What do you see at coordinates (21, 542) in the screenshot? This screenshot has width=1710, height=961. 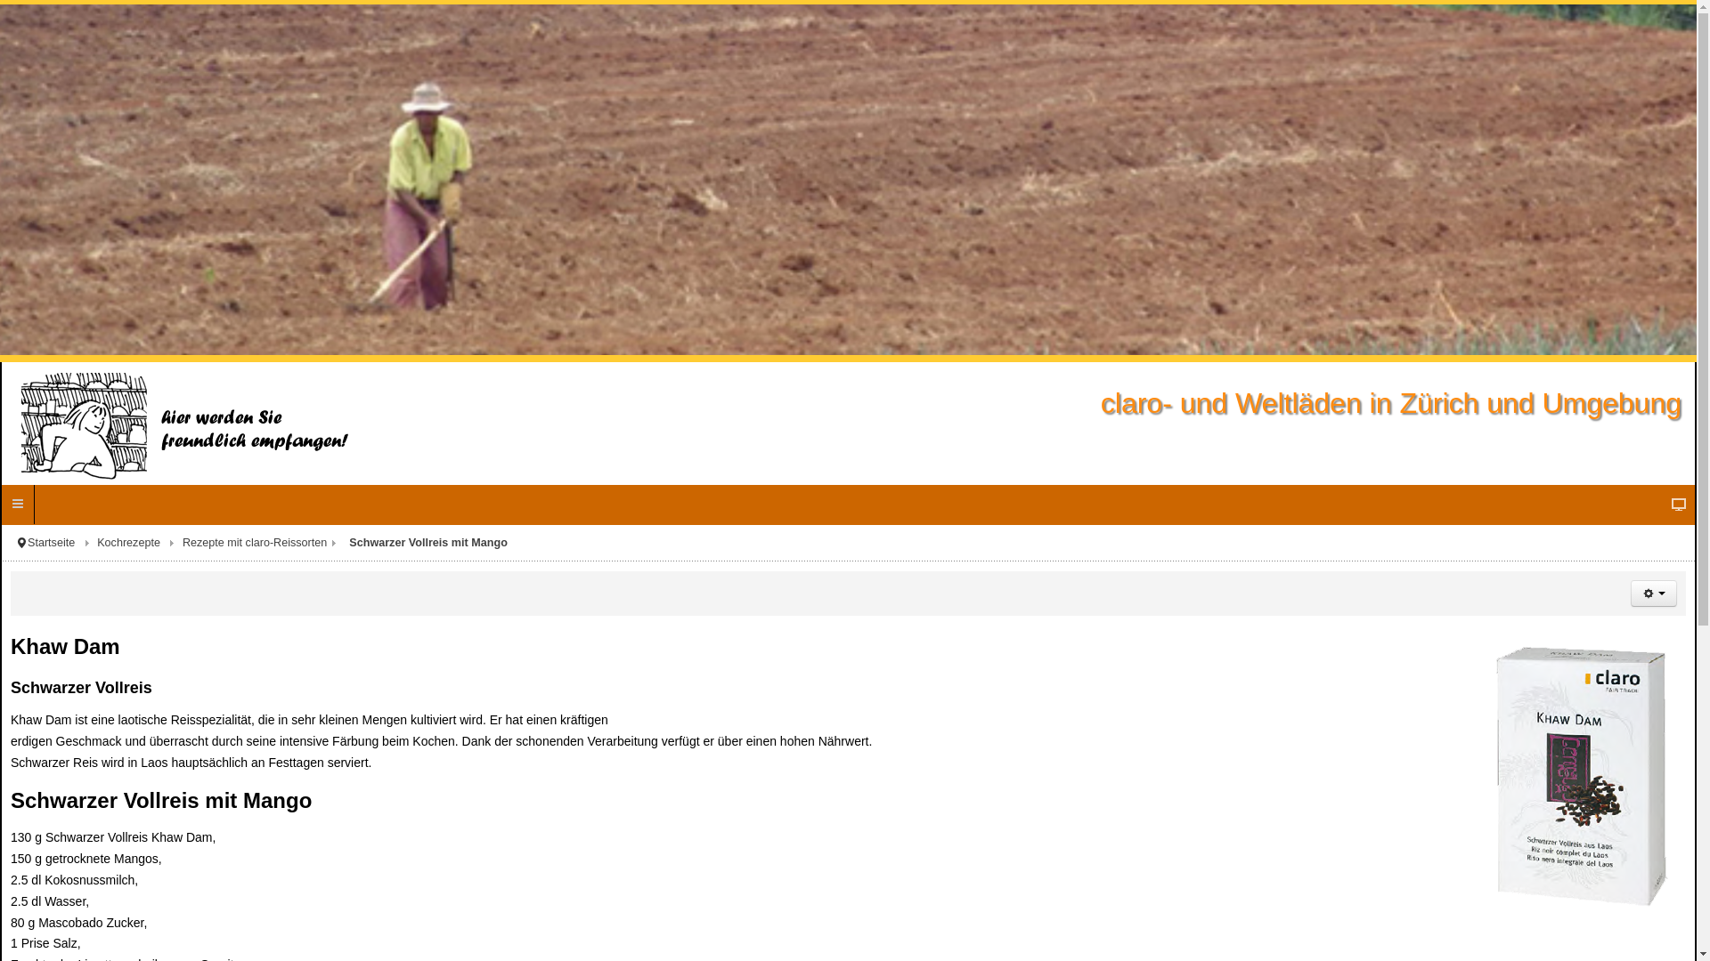 I see `'Aktuelle Seite: '` at bounding box center [21, 542].